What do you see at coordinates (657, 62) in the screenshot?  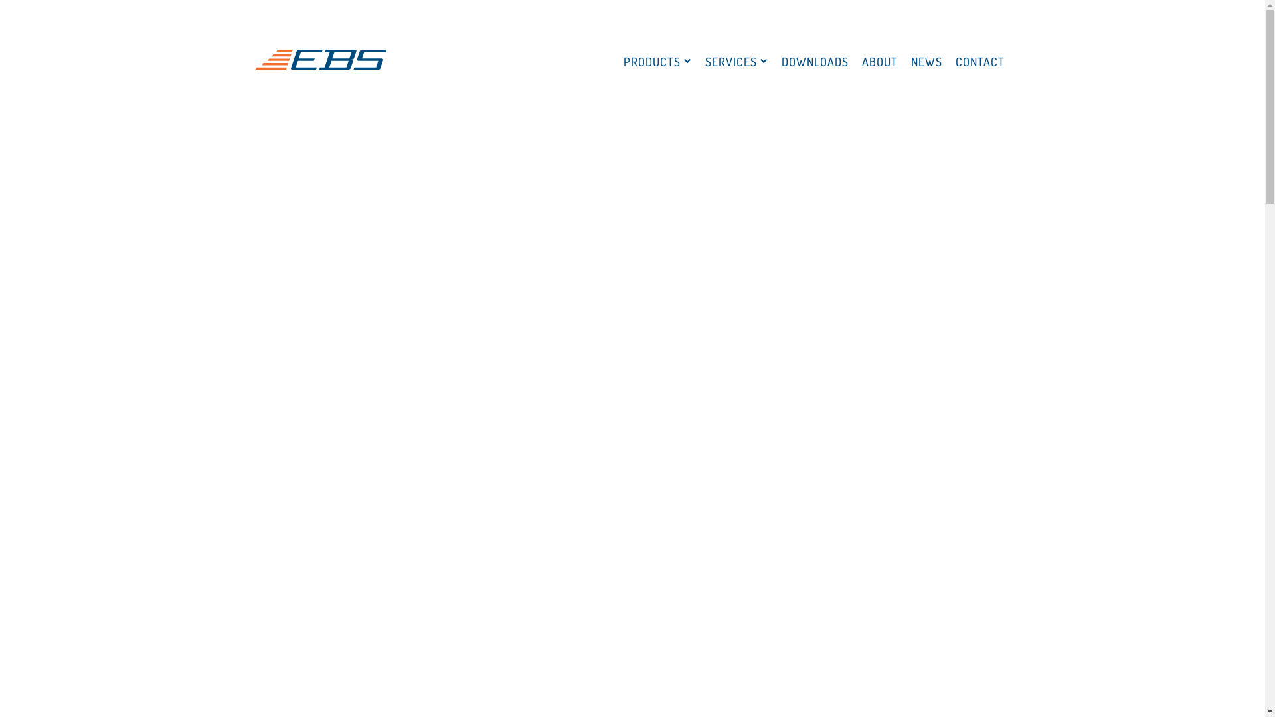 I see `'PRODUCTS'` at bounding box center [657, 62].